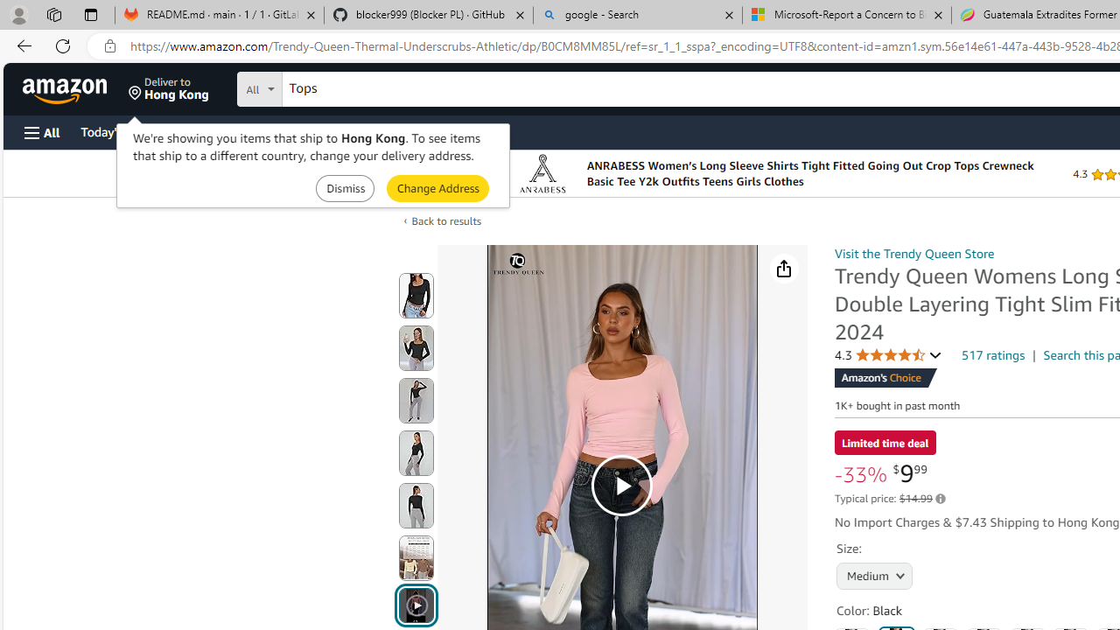 The image size is (1120, 630). What do you see at coordinates (169, 88) in the screenshot?
I see `'Deliver to Hong Kong'` at bounding box center [169, 88].